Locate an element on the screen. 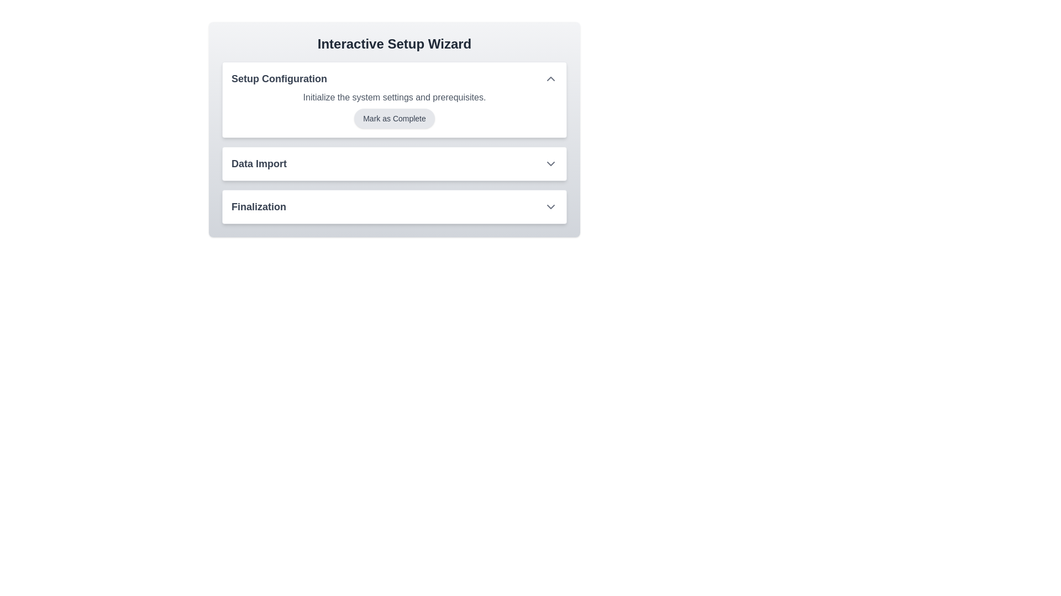 This screenshot has width=1061, height=596. the button located beneath the text 'Initialize the system settings and prerequisites.' in the 'Setup Configuration' section to mark the task as complete is located at coordinates (395, 119).